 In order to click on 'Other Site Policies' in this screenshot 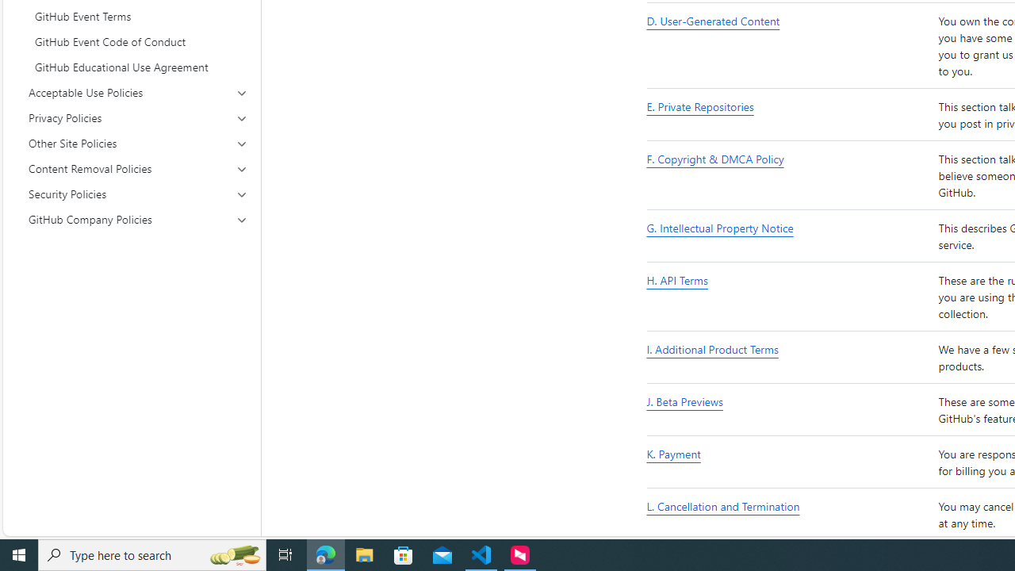, I will do `click(138, 144)`.